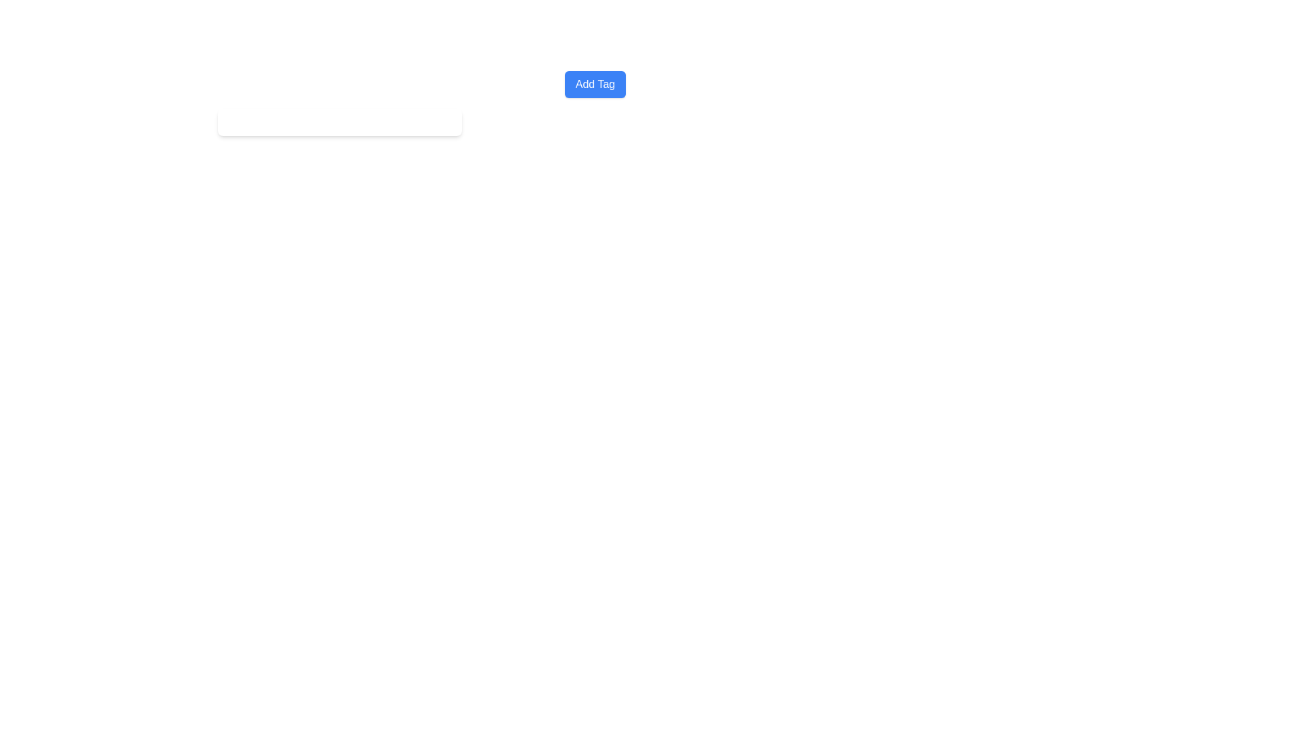 This screenshot has height=731, width=1299. What do you see at coordinates (595, 84) in the screenshot?
I see `the 'Add Tag' button, which is a rectangular button with a blue background and rounded corners, displaying white text centered on it, to observe the hover effects` at bounding box center [595, 84].